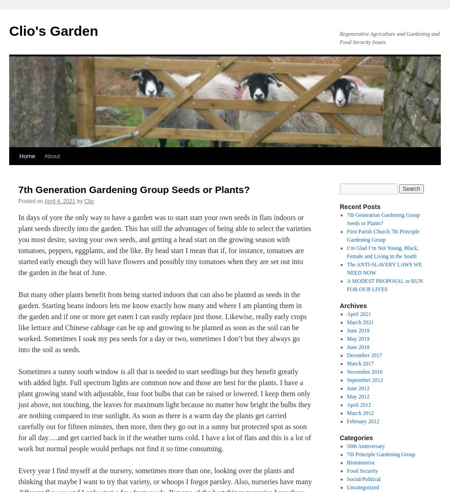 This screenshot has height=492, width=450. What do you see at coordinates (360, 322) in the screenshot?
I see `'March 2021'` at bounding box center [360, 322].